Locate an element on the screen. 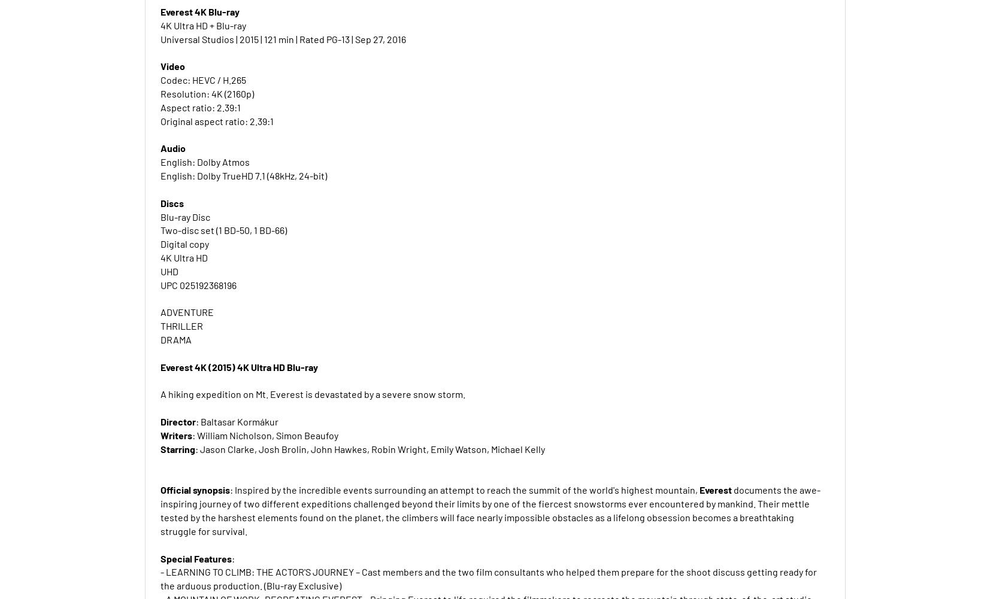  'Discs' is located at coordinates (171, 202).